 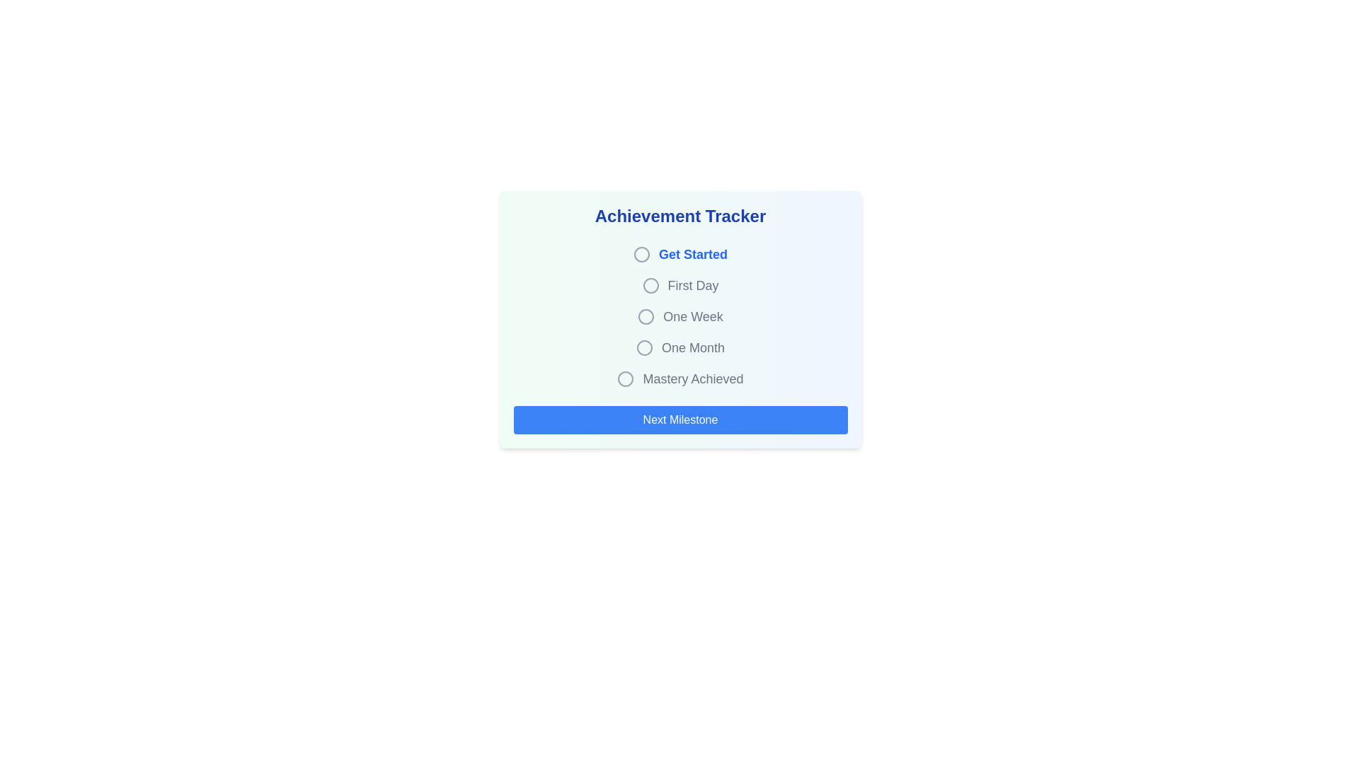 What do you see at coordinates (693, 253) in the screenshot?
I see `text from the 'Get Started' label, which is prominently displayed in bold blue typeface and is the first item in a vertical list near the top-left section of the 'Achievement Tracker' card` at bounding box center [693, 253].